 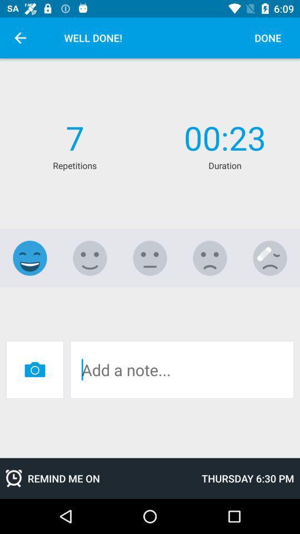 What do you see at coordinates (89, 258) in the screenshot?
I see `this rating` at bounding box center [89, 258].